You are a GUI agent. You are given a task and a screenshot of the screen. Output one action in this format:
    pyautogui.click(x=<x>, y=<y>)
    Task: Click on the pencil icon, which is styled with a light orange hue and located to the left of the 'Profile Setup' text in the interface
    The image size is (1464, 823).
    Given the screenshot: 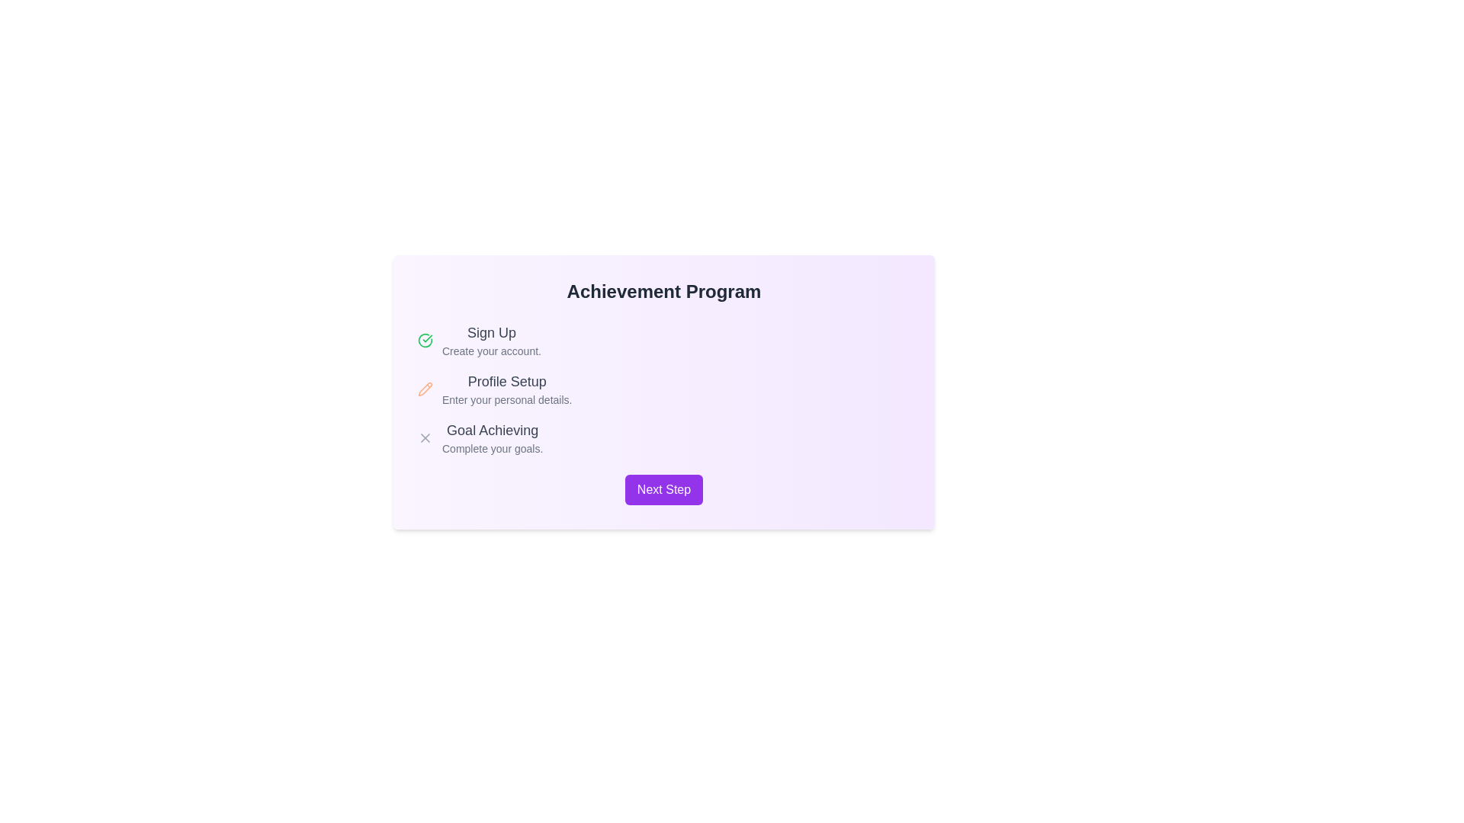 What is the action you would take?
    pyautogui.click(x=425, y=387)
    